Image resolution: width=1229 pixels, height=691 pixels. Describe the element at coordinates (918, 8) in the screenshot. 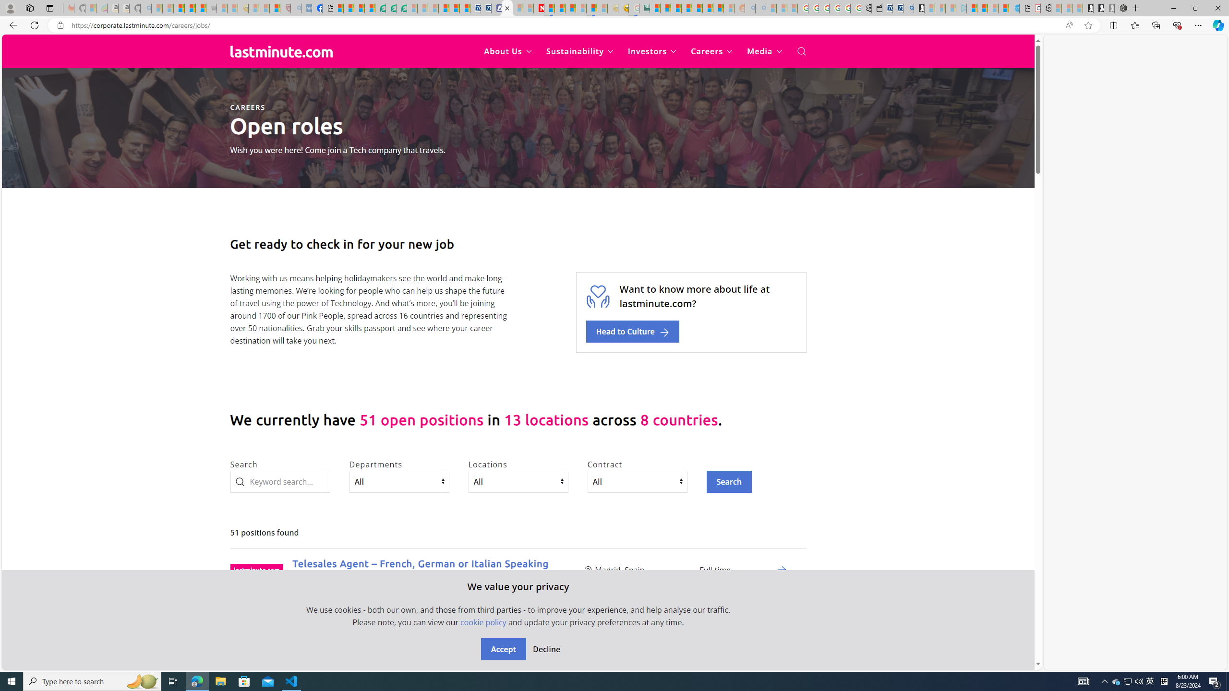

I see `'Microsoft Start Gaming'` at that location.